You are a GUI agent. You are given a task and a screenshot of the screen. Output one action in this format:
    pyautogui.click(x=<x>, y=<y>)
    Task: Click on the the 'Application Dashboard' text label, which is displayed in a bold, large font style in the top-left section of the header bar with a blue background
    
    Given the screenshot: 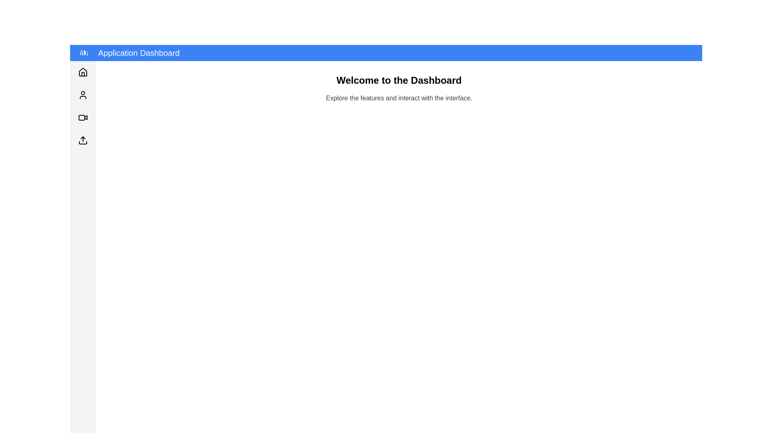 What is the action you would take?
    pyautogui.click(x=139, y=53)
    